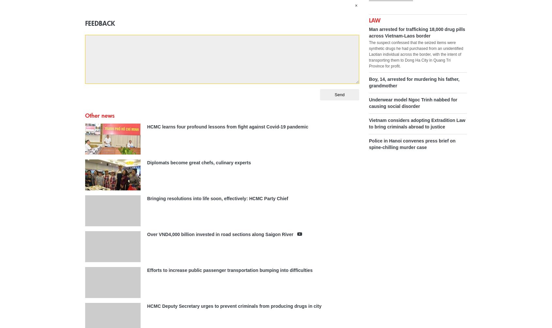 This screenshot has width=552, height=328. What do you see at coordinates (416, 32) in the screenshot?
I see `'Man arrested for trafficking 18,000 drug pills across Vietnam-Laos border'` at bounding box center [416, 32].